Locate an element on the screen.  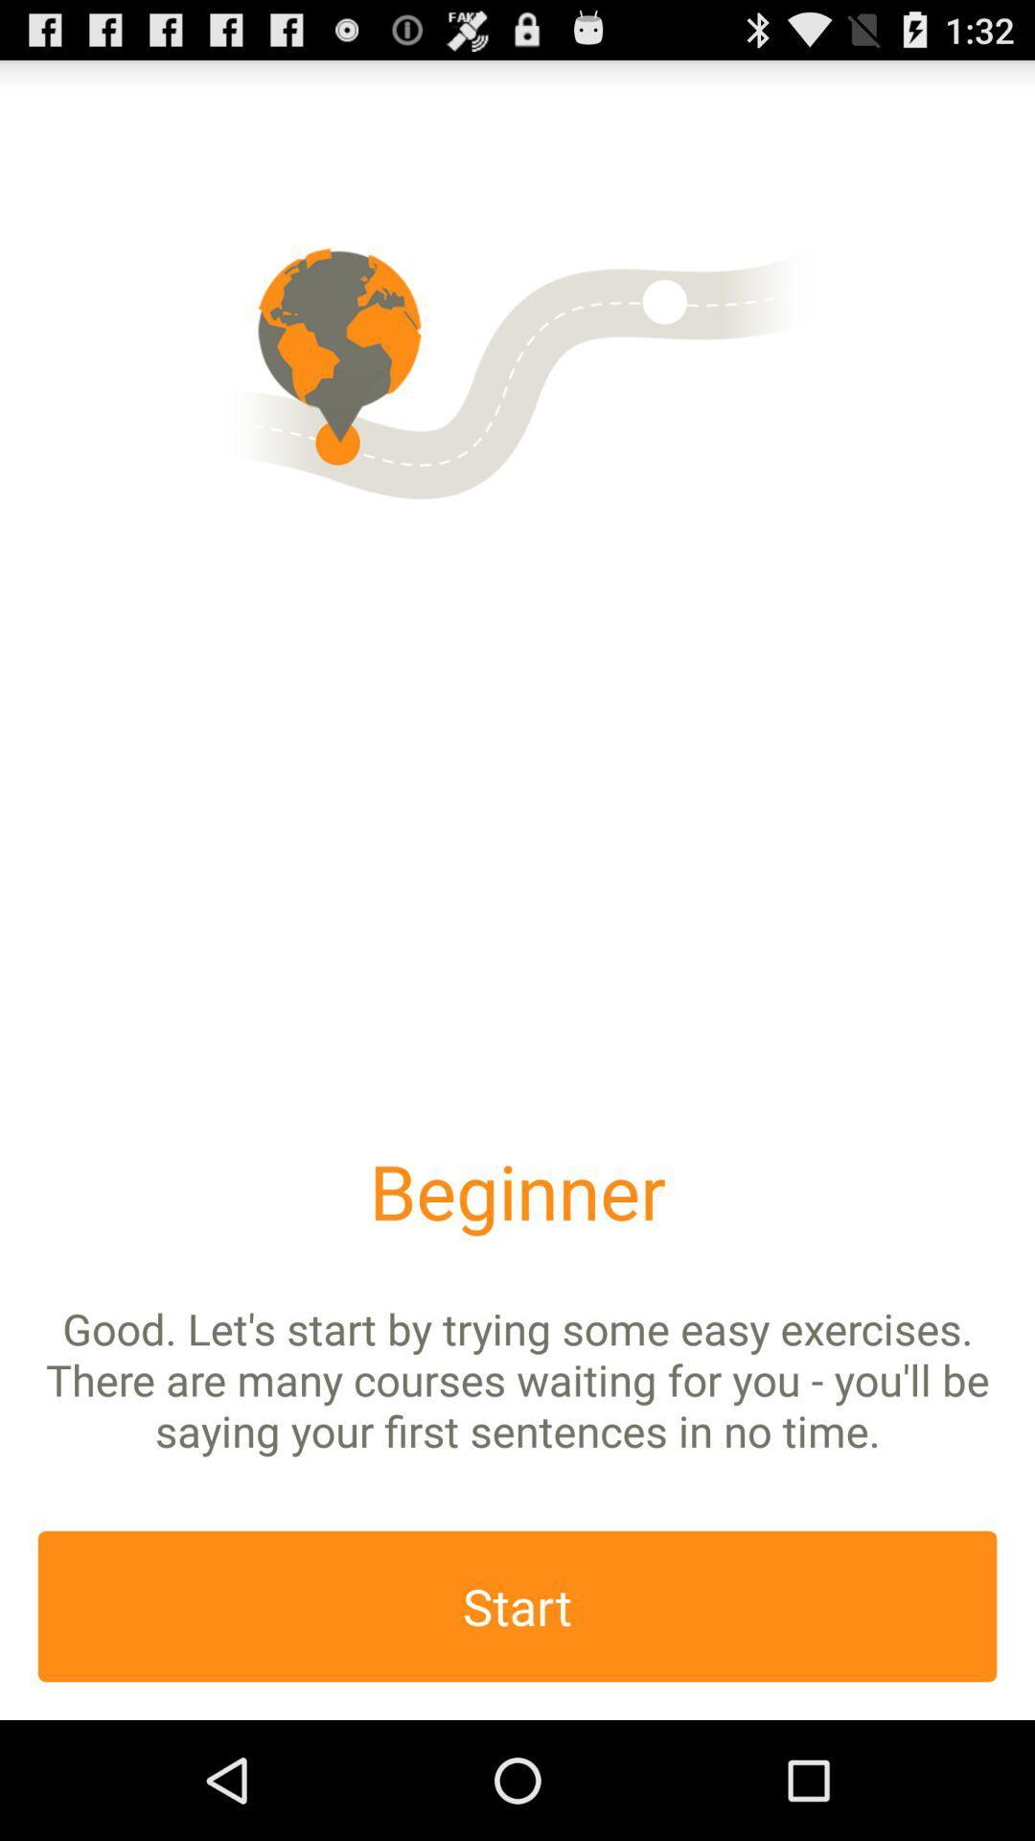
start option is located at coordinates (517, 1606).